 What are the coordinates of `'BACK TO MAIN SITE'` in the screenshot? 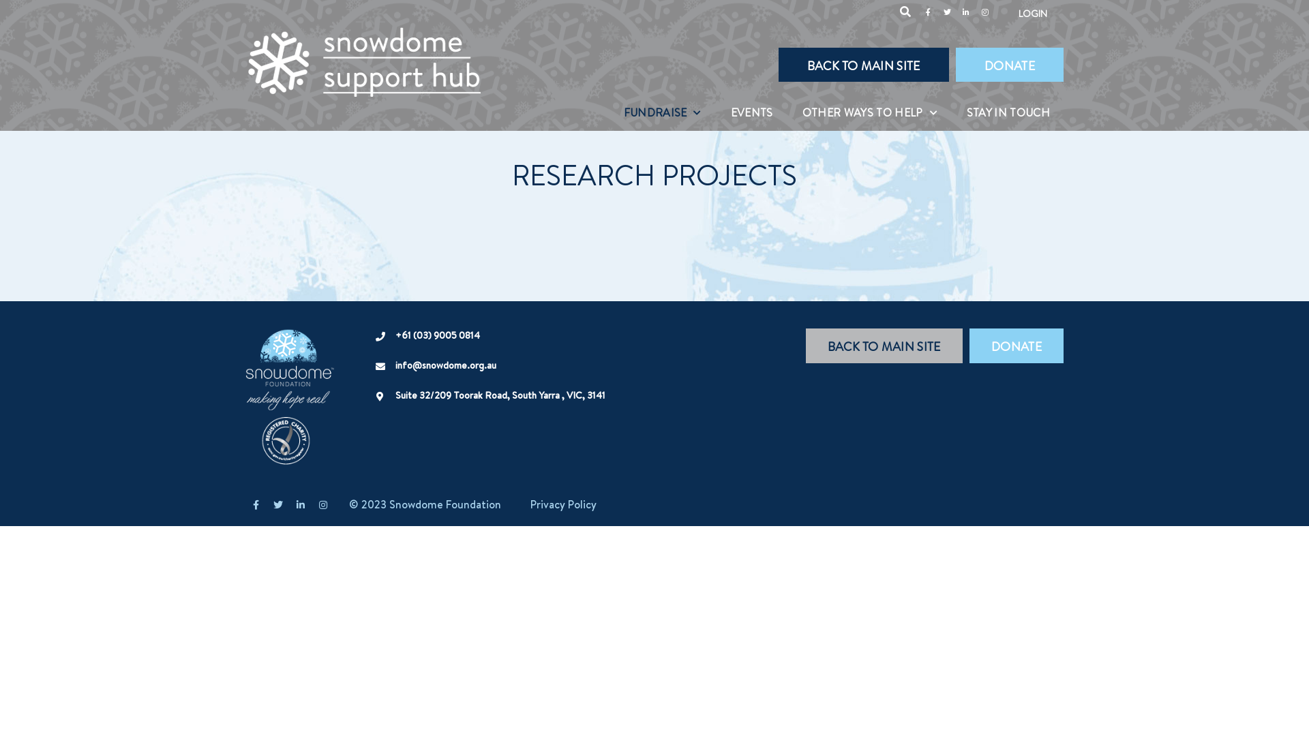 It's located at (779, 65).